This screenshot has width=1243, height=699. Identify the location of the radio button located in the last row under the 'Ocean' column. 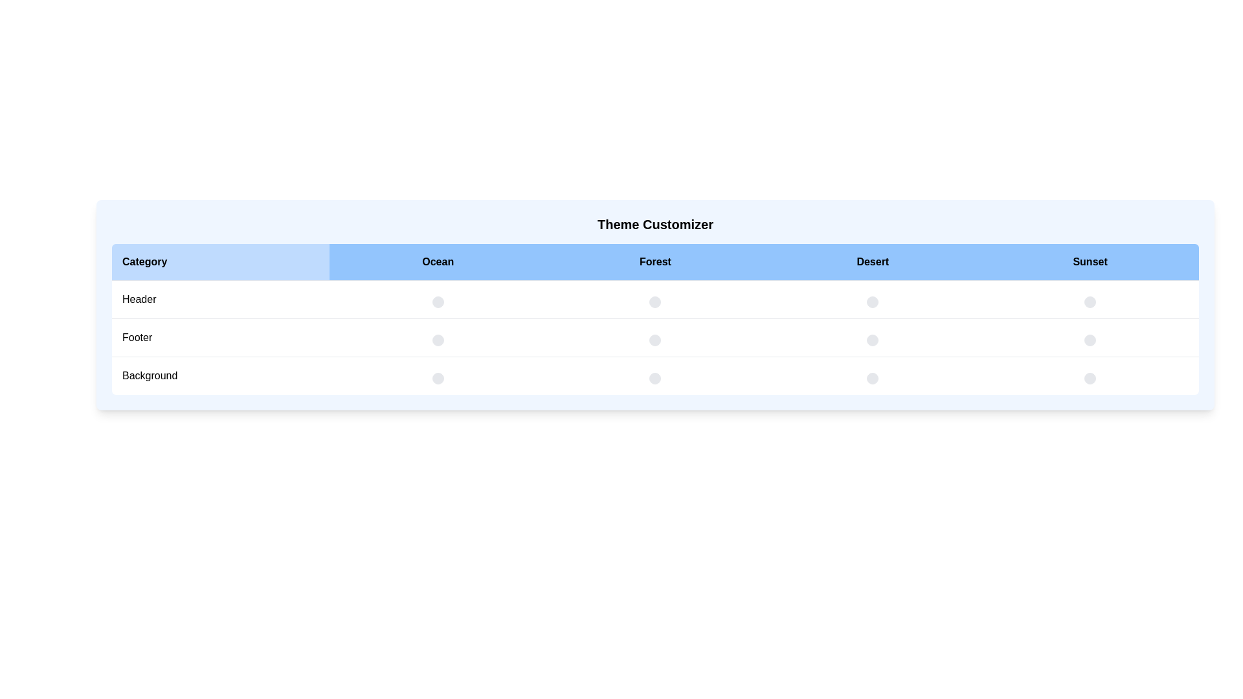
(438, 379).